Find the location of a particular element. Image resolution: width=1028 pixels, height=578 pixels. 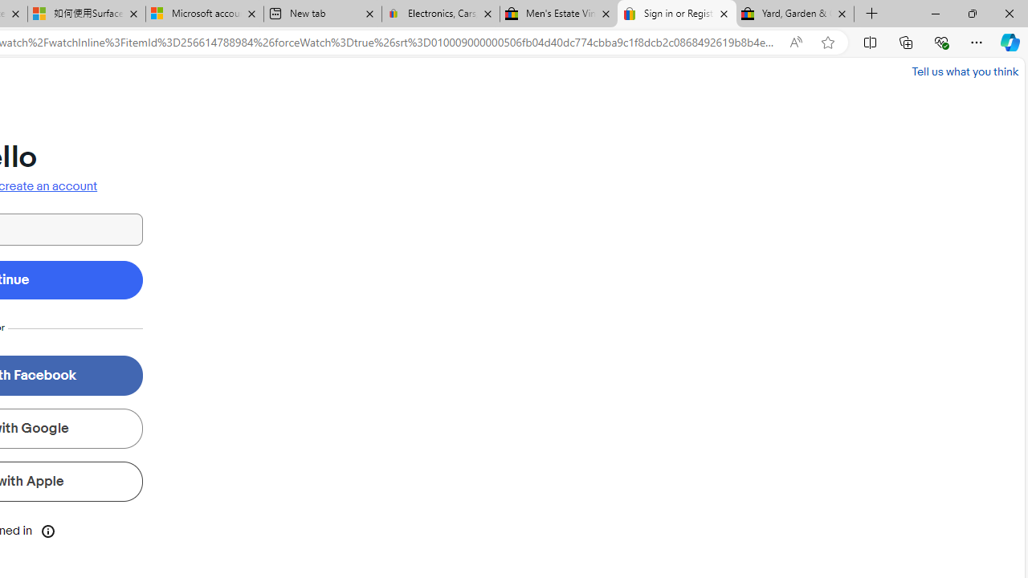

'Sign in or Register | eBay' is located at coordinates (677, 14).